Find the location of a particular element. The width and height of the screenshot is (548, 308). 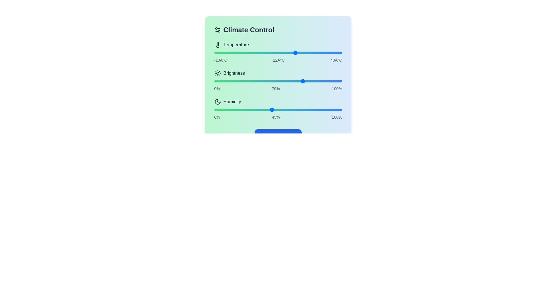

the thermometer icon located in the 'Temperature' section of the interface, which is rendered with a simple line style and positioned to the left of the 'Temperature' text label is located at coordinates (217, 44).